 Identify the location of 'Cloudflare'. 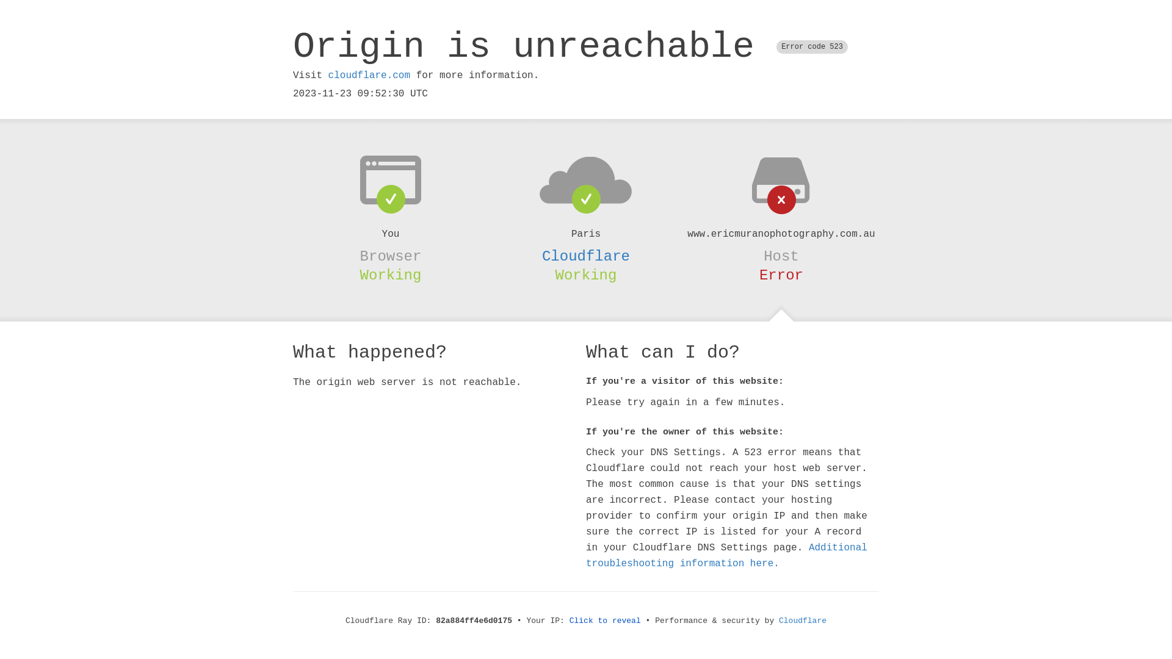
(541, 256).